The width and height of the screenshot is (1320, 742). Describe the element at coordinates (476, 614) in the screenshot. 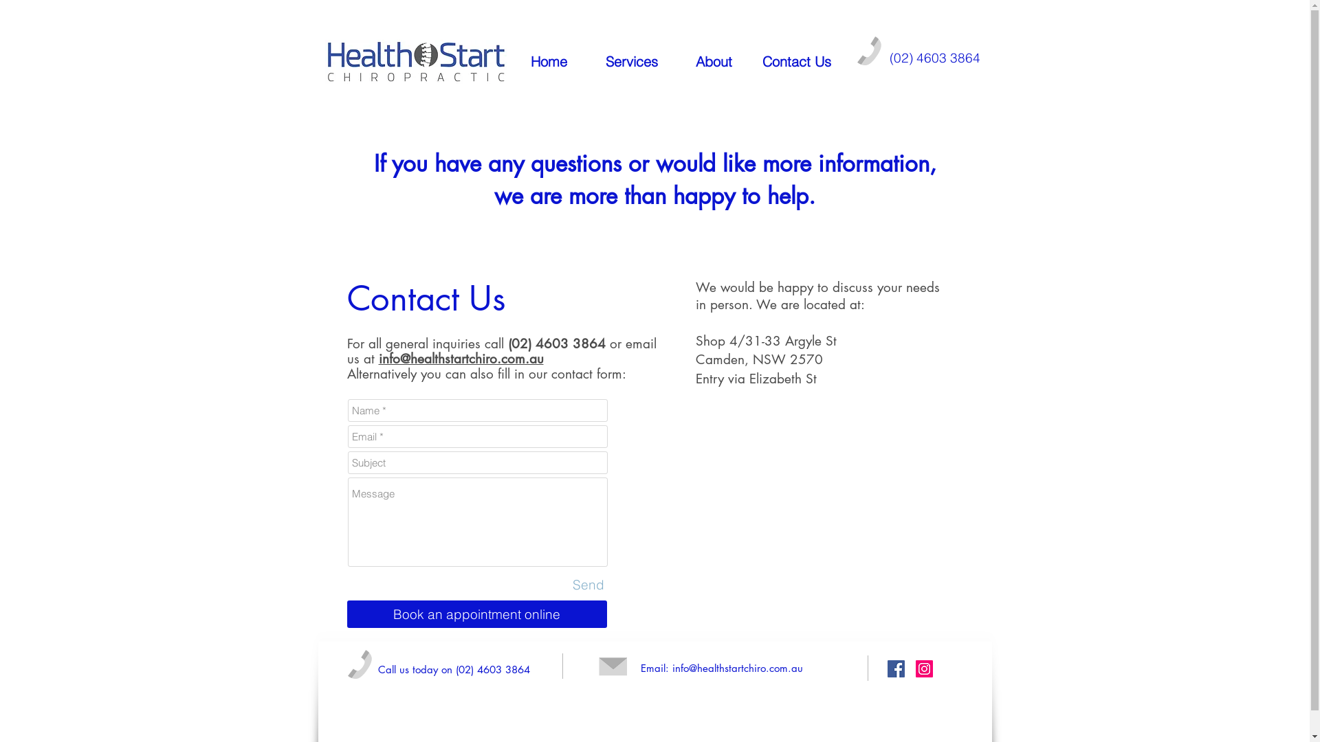

I see `'Book an appointment online'` at that location.